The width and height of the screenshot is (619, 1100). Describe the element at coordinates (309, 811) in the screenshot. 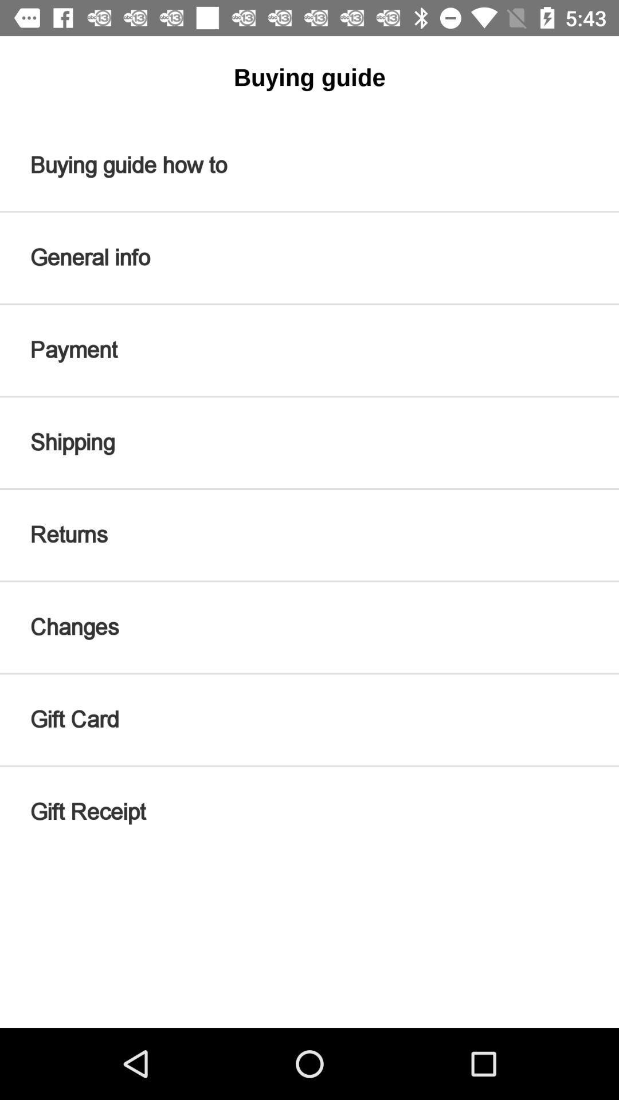

I see `the item below the gift card` at that location.